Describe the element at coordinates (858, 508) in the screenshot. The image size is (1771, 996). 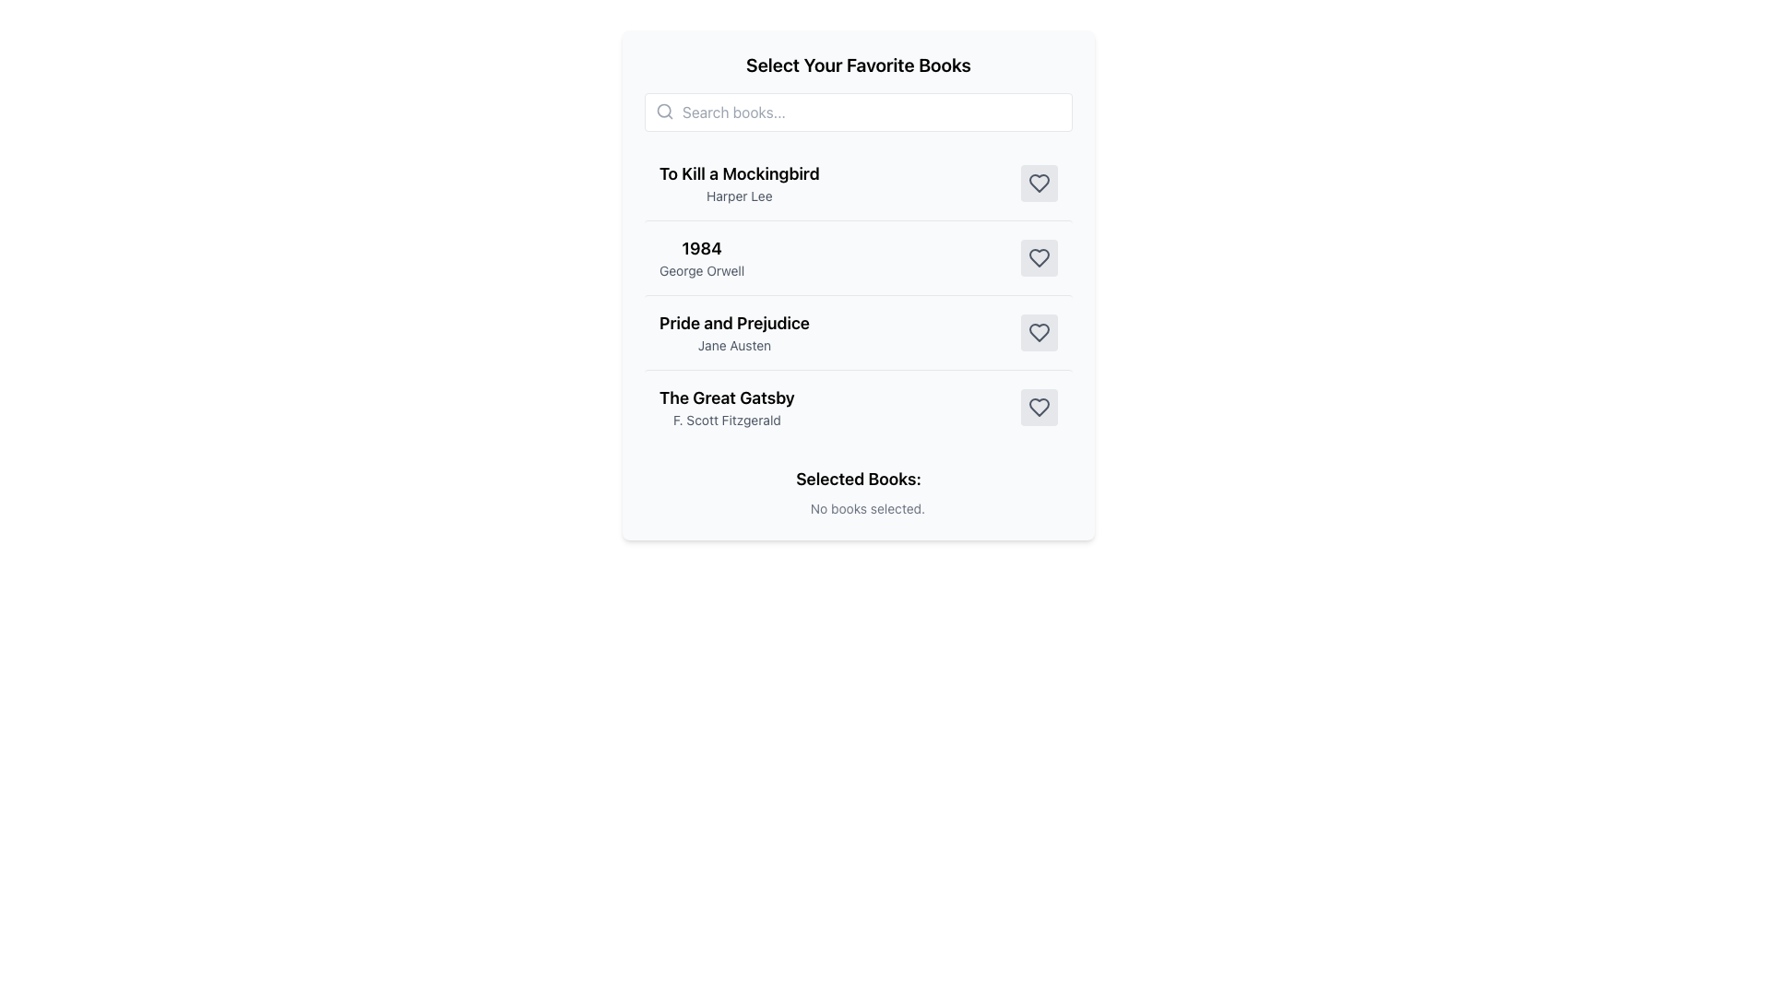
I see `the text label that displays 'No books selected.' which is located directly below the 'Selected Books:' heading` at that location.